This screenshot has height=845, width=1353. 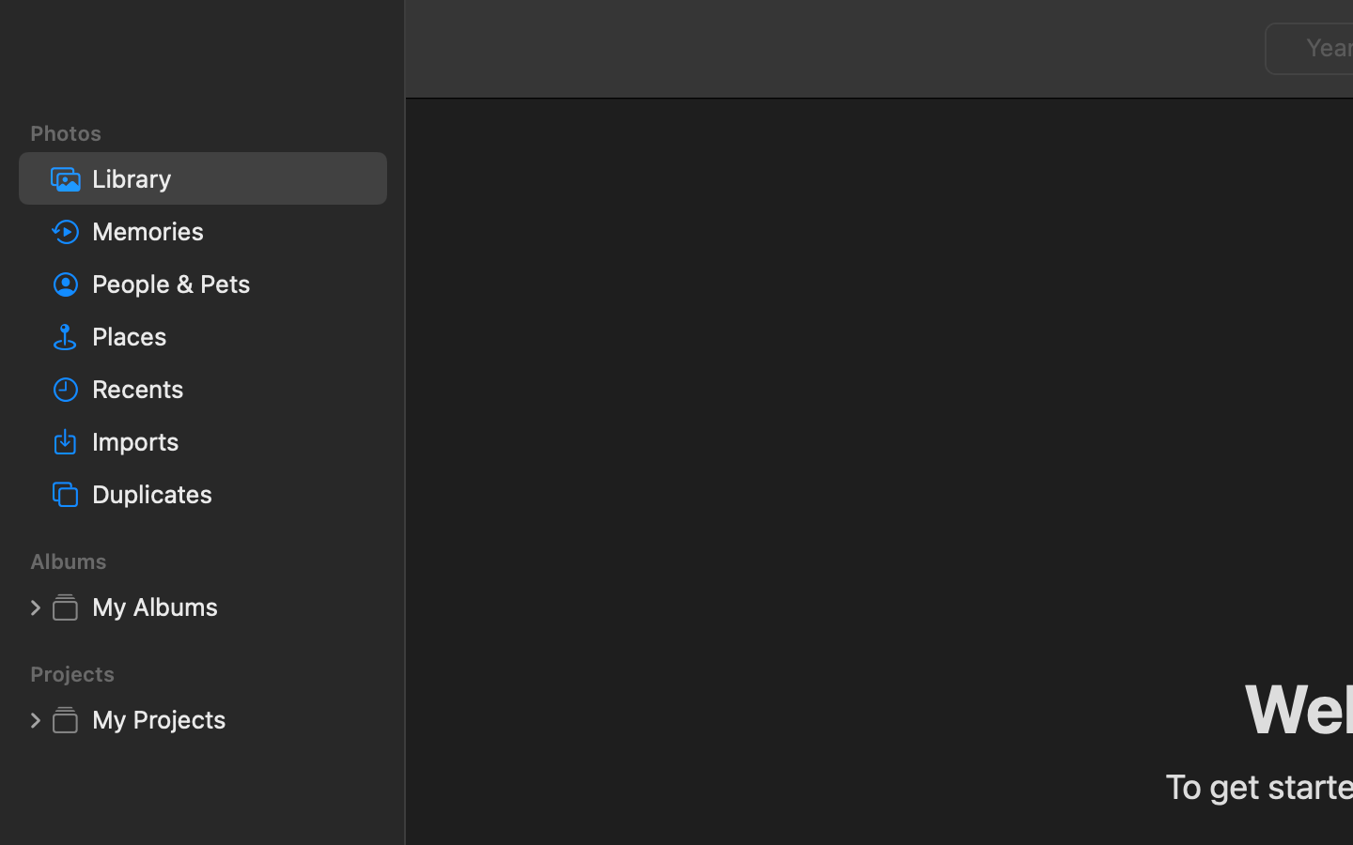 What do you see at coordinates (230, 229) in the screenshot?
I see `'Memories'` at bounding box center [230, 229].